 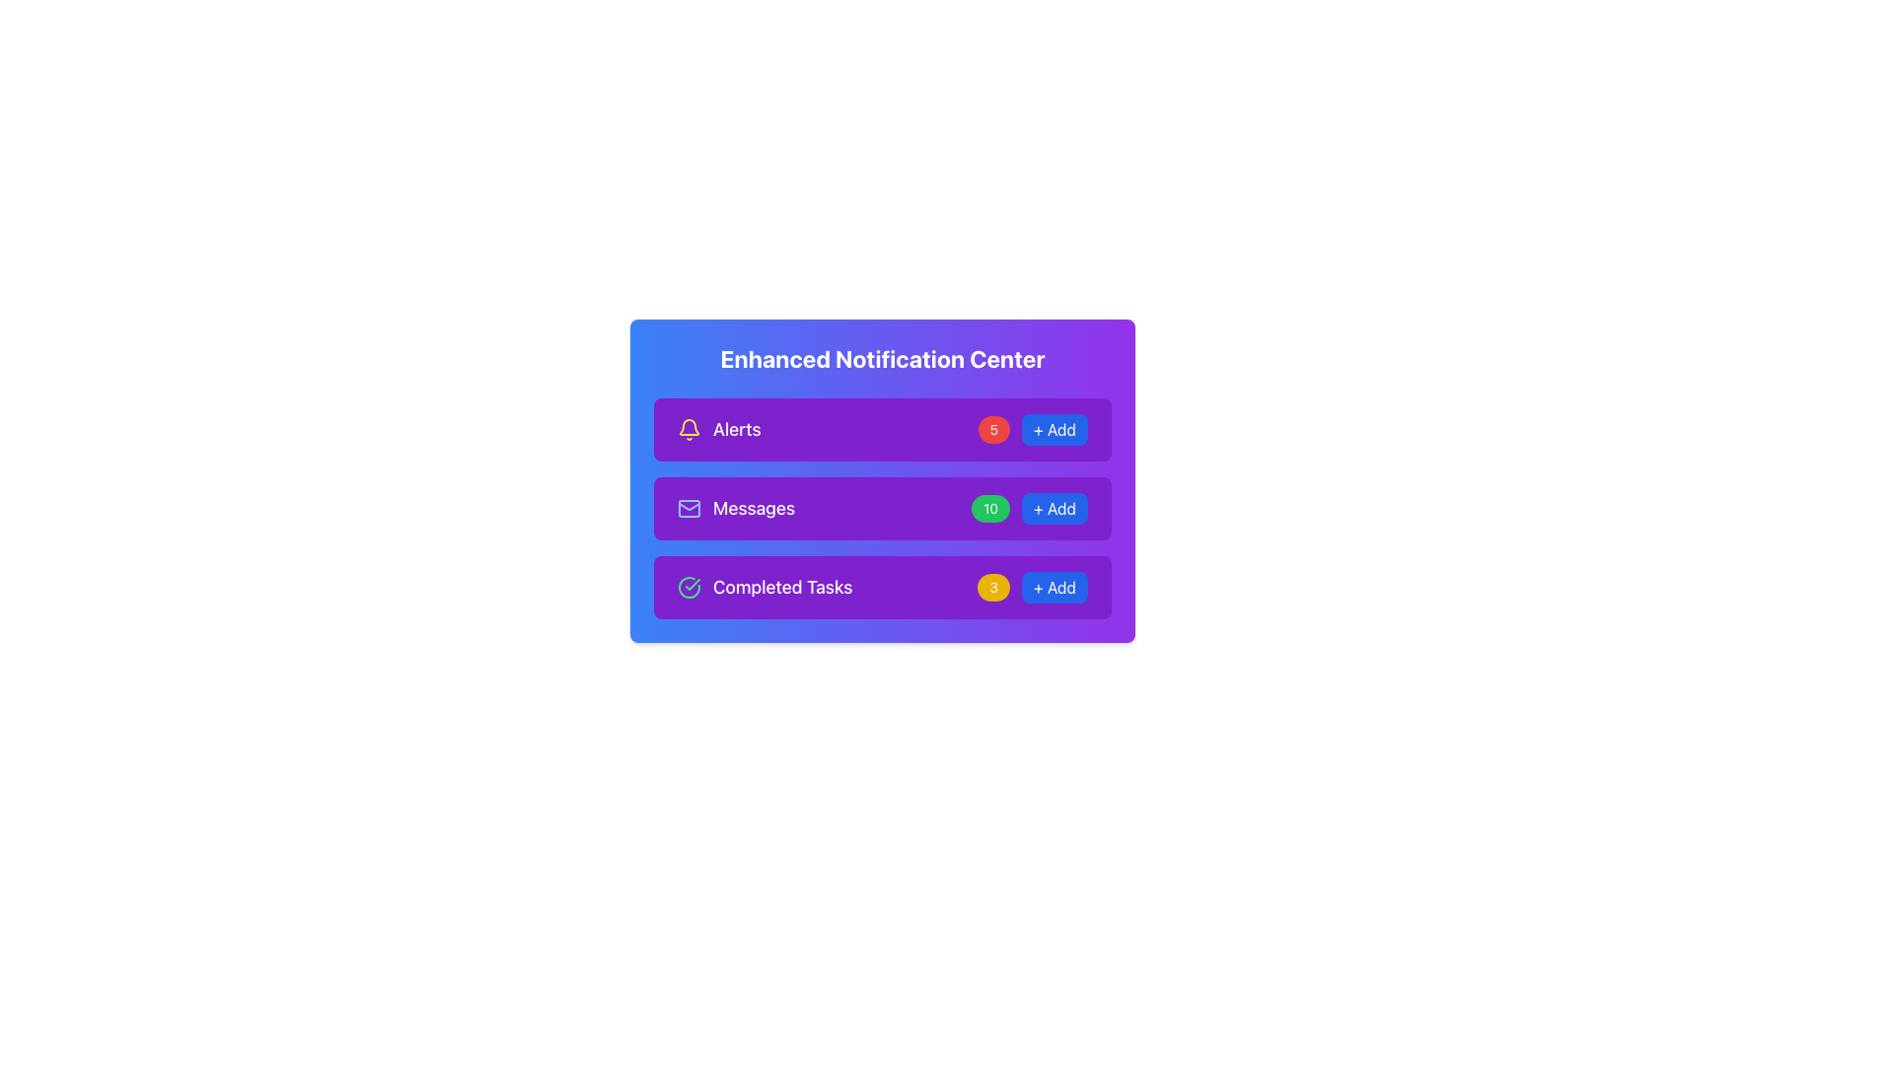 I want to click on text of the heading located at the center top of the gradient-colored notification card, which serves as the title for the notification center, so click(x=881, y=358).